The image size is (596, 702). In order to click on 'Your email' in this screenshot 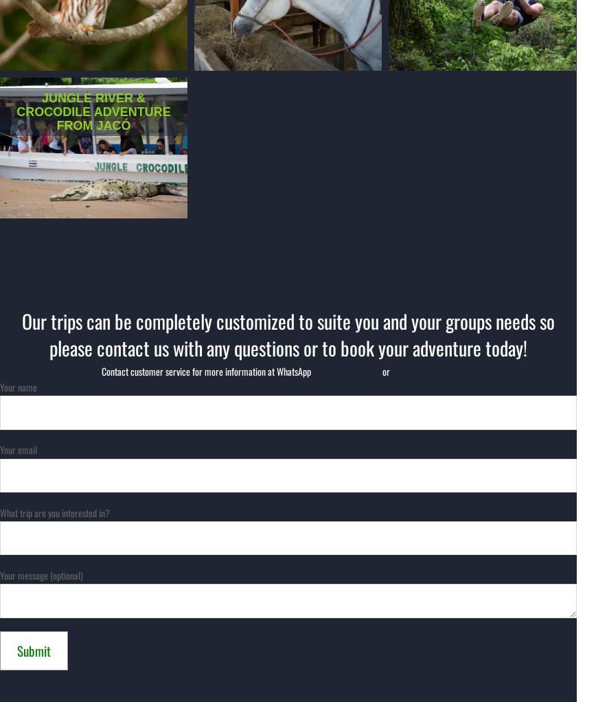, I will do `click(18, 449)`.